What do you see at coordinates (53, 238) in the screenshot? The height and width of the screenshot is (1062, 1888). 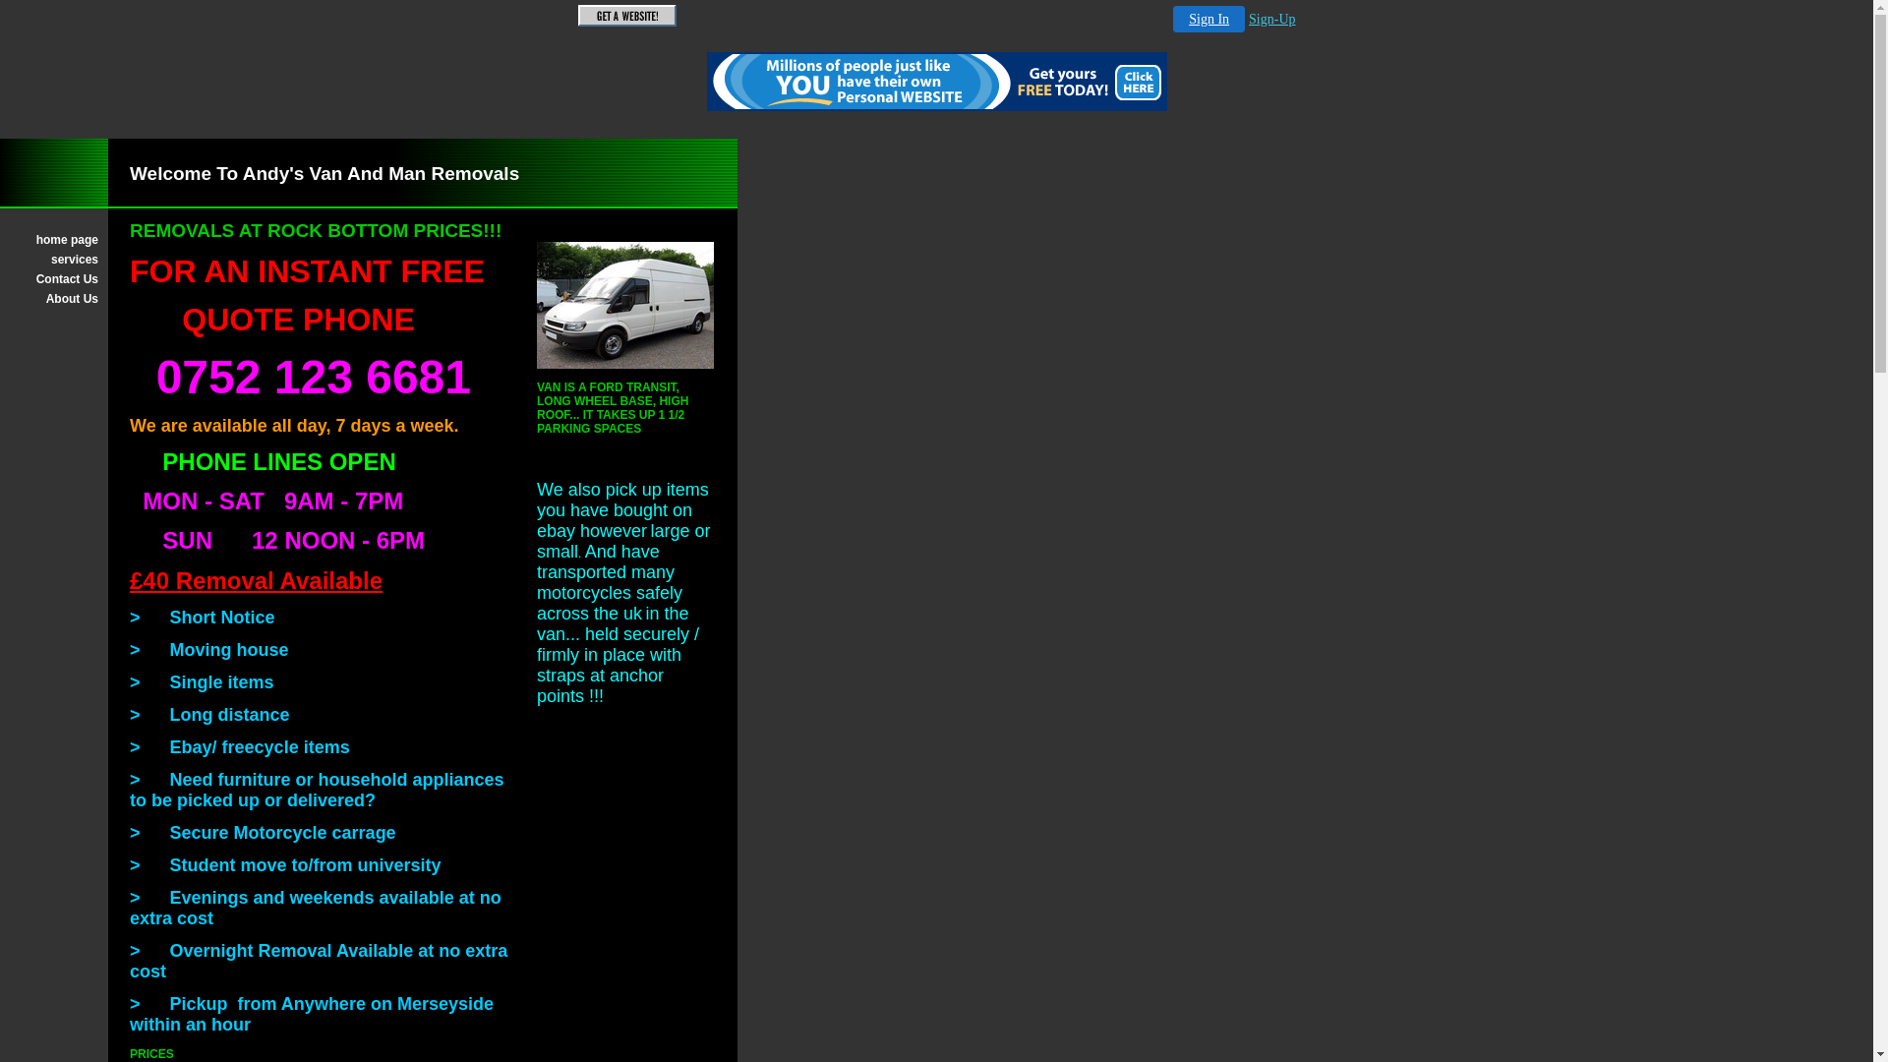 I see `'home page'` at bounding box center [53, 238].